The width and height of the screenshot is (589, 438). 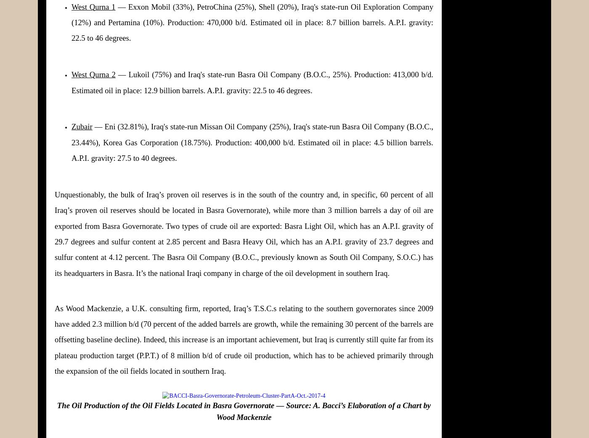 What do you see at coordinates (244, 265) in the screenshot?
I see `'The
Basra Oil Company (B.O.C., previously known as South Oil Company, S.O.C.) has
its headquarters in Basra. It’s the national Iraqi company in charge of the oil
development in southern Iraq.'` at bounding box center [244, 265].